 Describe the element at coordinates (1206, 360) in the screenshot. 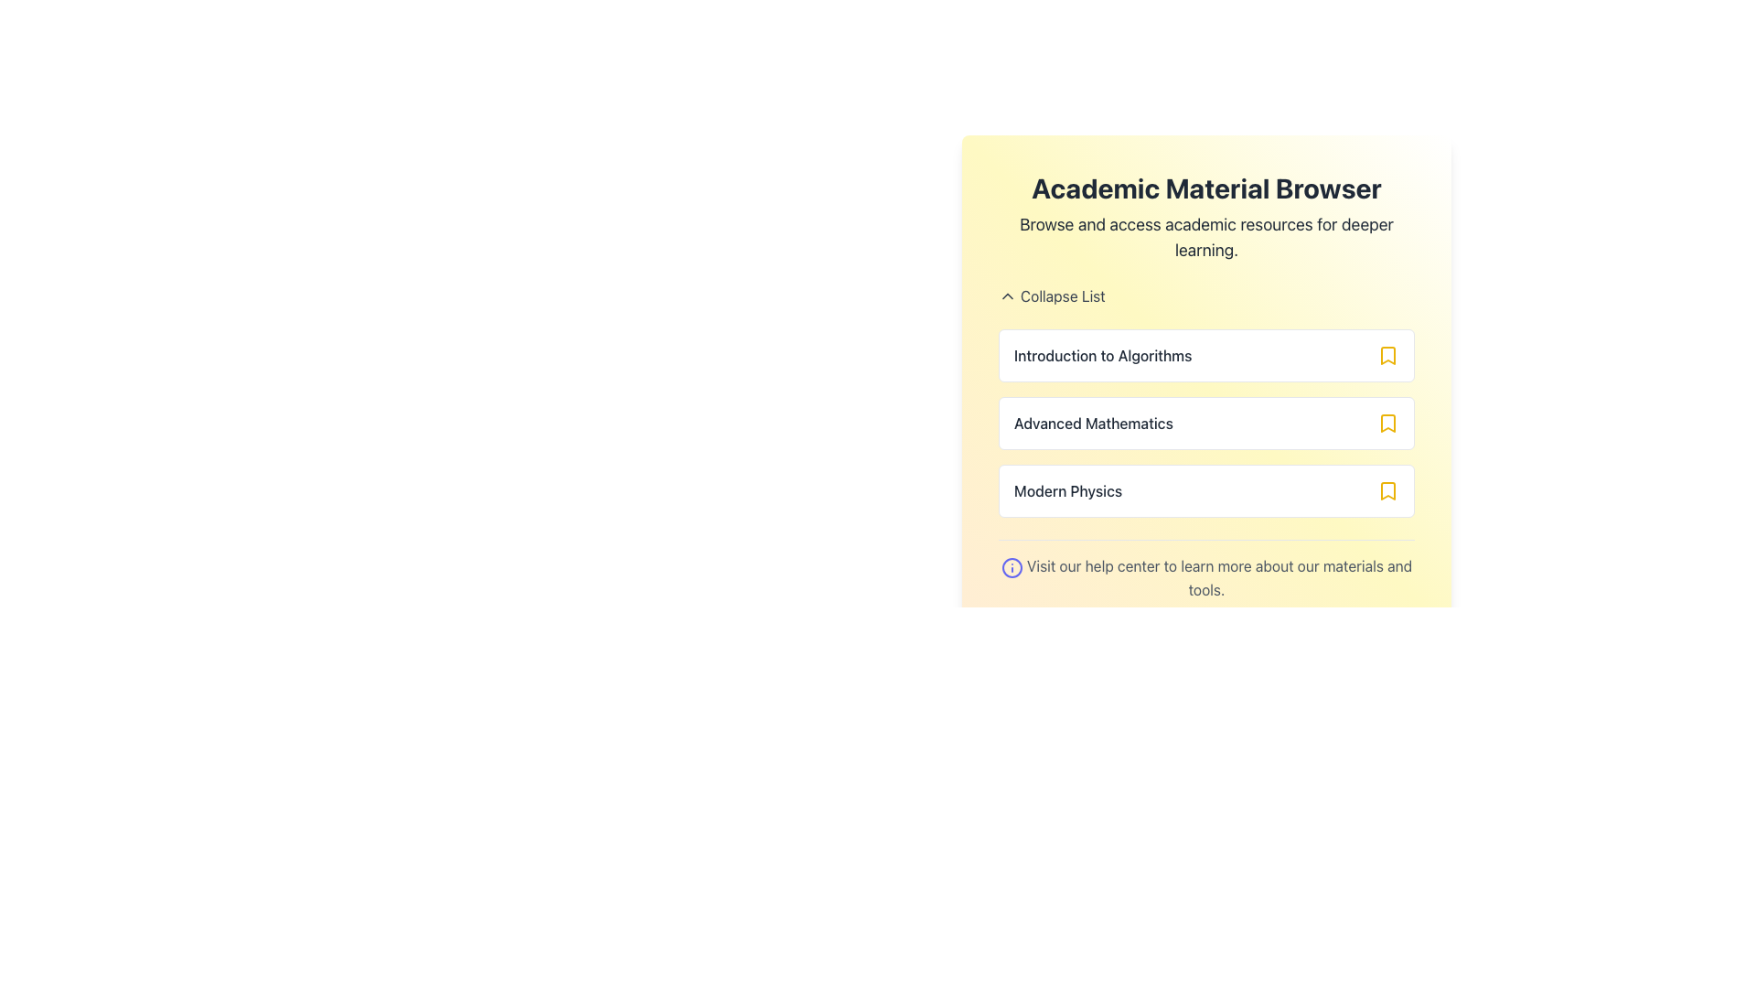

I see `the first list item titled 'Introduction` at that location.